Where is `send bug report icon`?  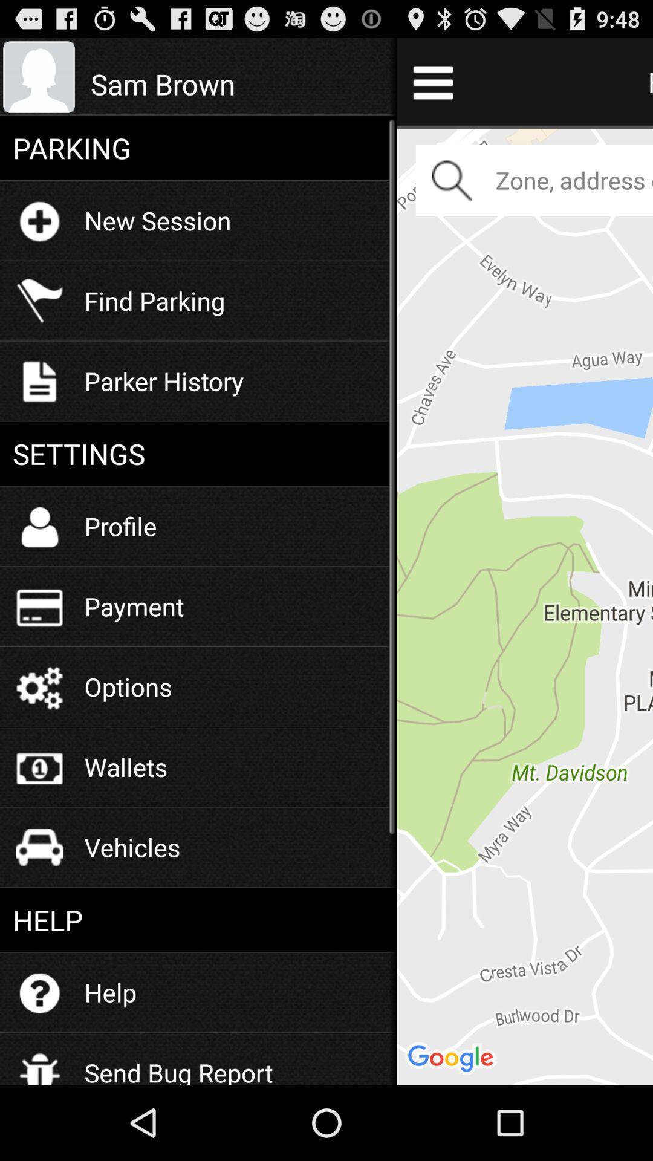
send bug report icon is located at coordinates (178, 1063).